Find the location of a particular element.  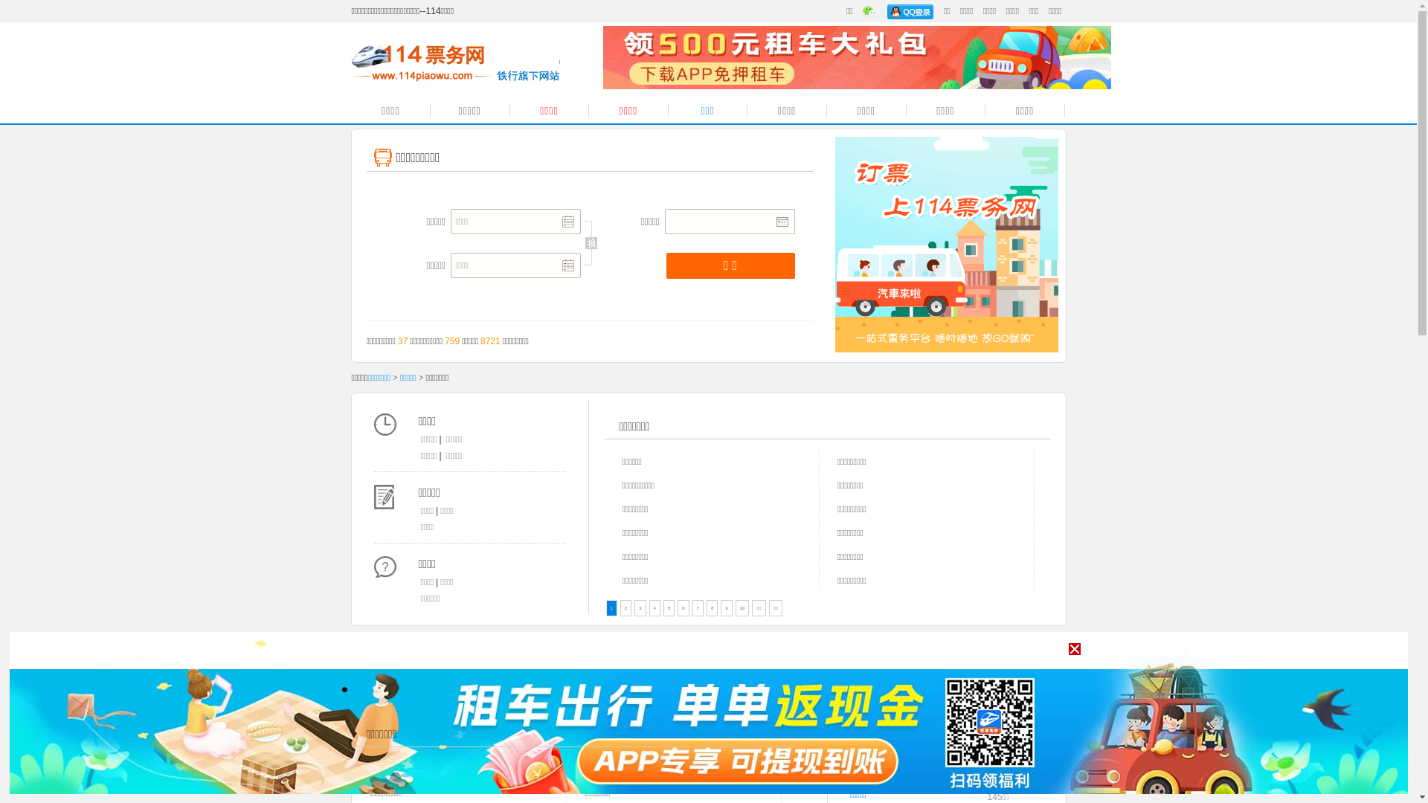

'10' is located at coordinates (742, 607).